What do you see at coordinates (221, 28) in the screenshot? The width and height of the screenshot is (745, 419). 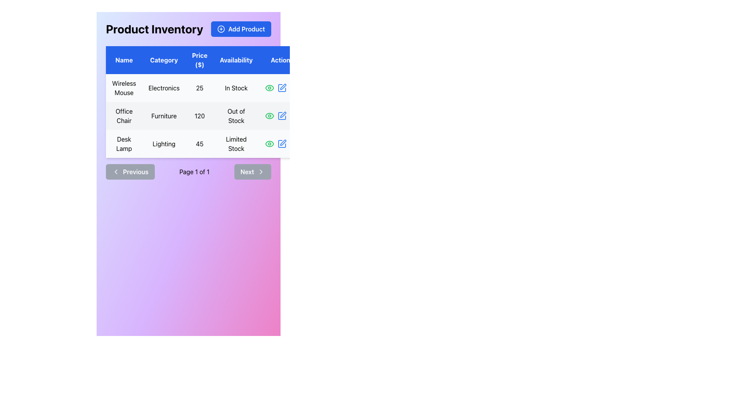 I see `the vector graphic icon within the 'Add Product' button, which symbolizes the action of adding or creating a new item` at bounding box center [221, 28].